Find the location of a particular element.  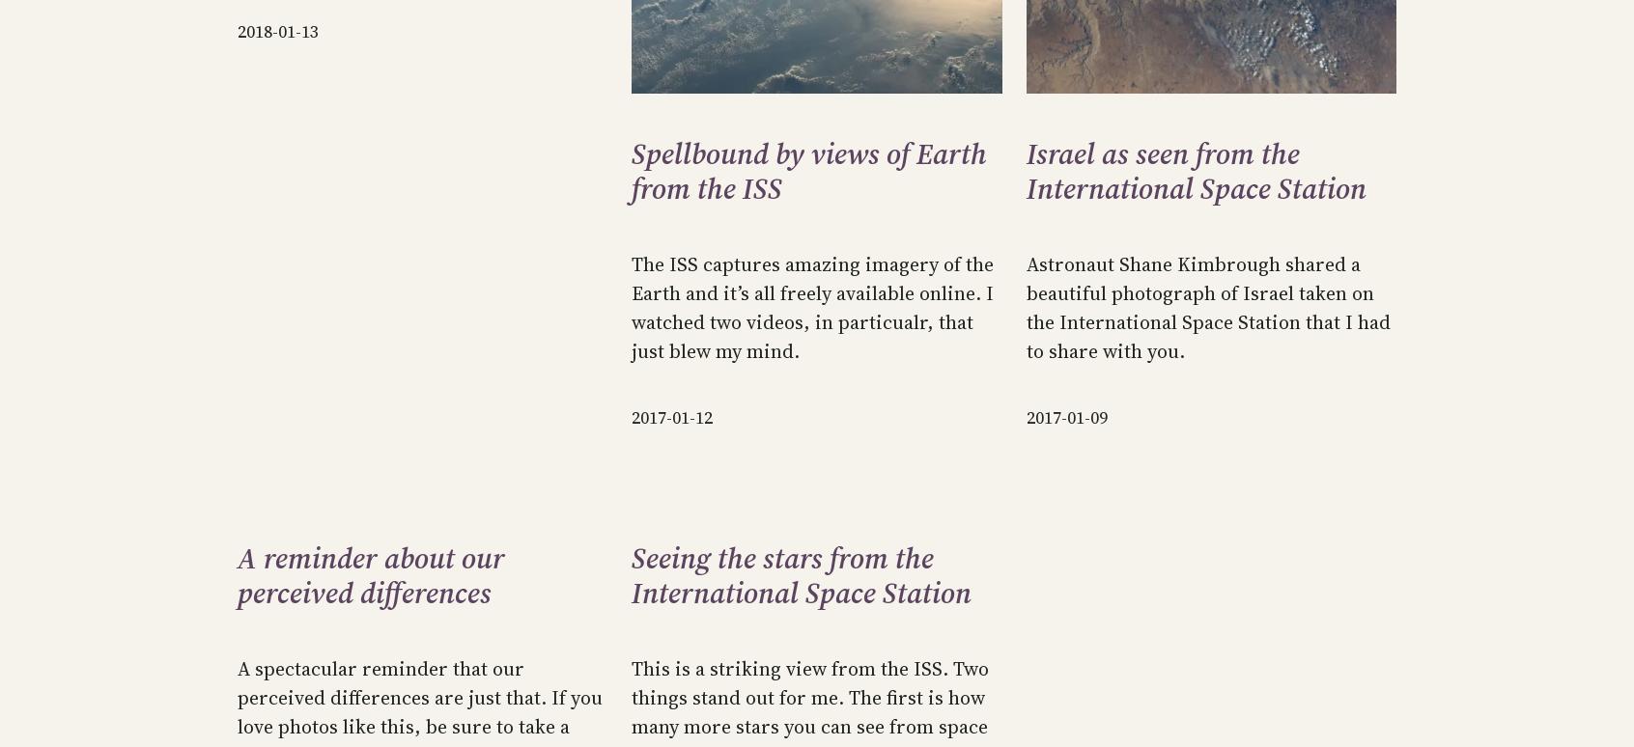

'Astronaut Shane Kimbrough shared a beautiful photograph of Israel taken on the International Space Station that I had to share with you.' is located at coordinates (1207, 307).